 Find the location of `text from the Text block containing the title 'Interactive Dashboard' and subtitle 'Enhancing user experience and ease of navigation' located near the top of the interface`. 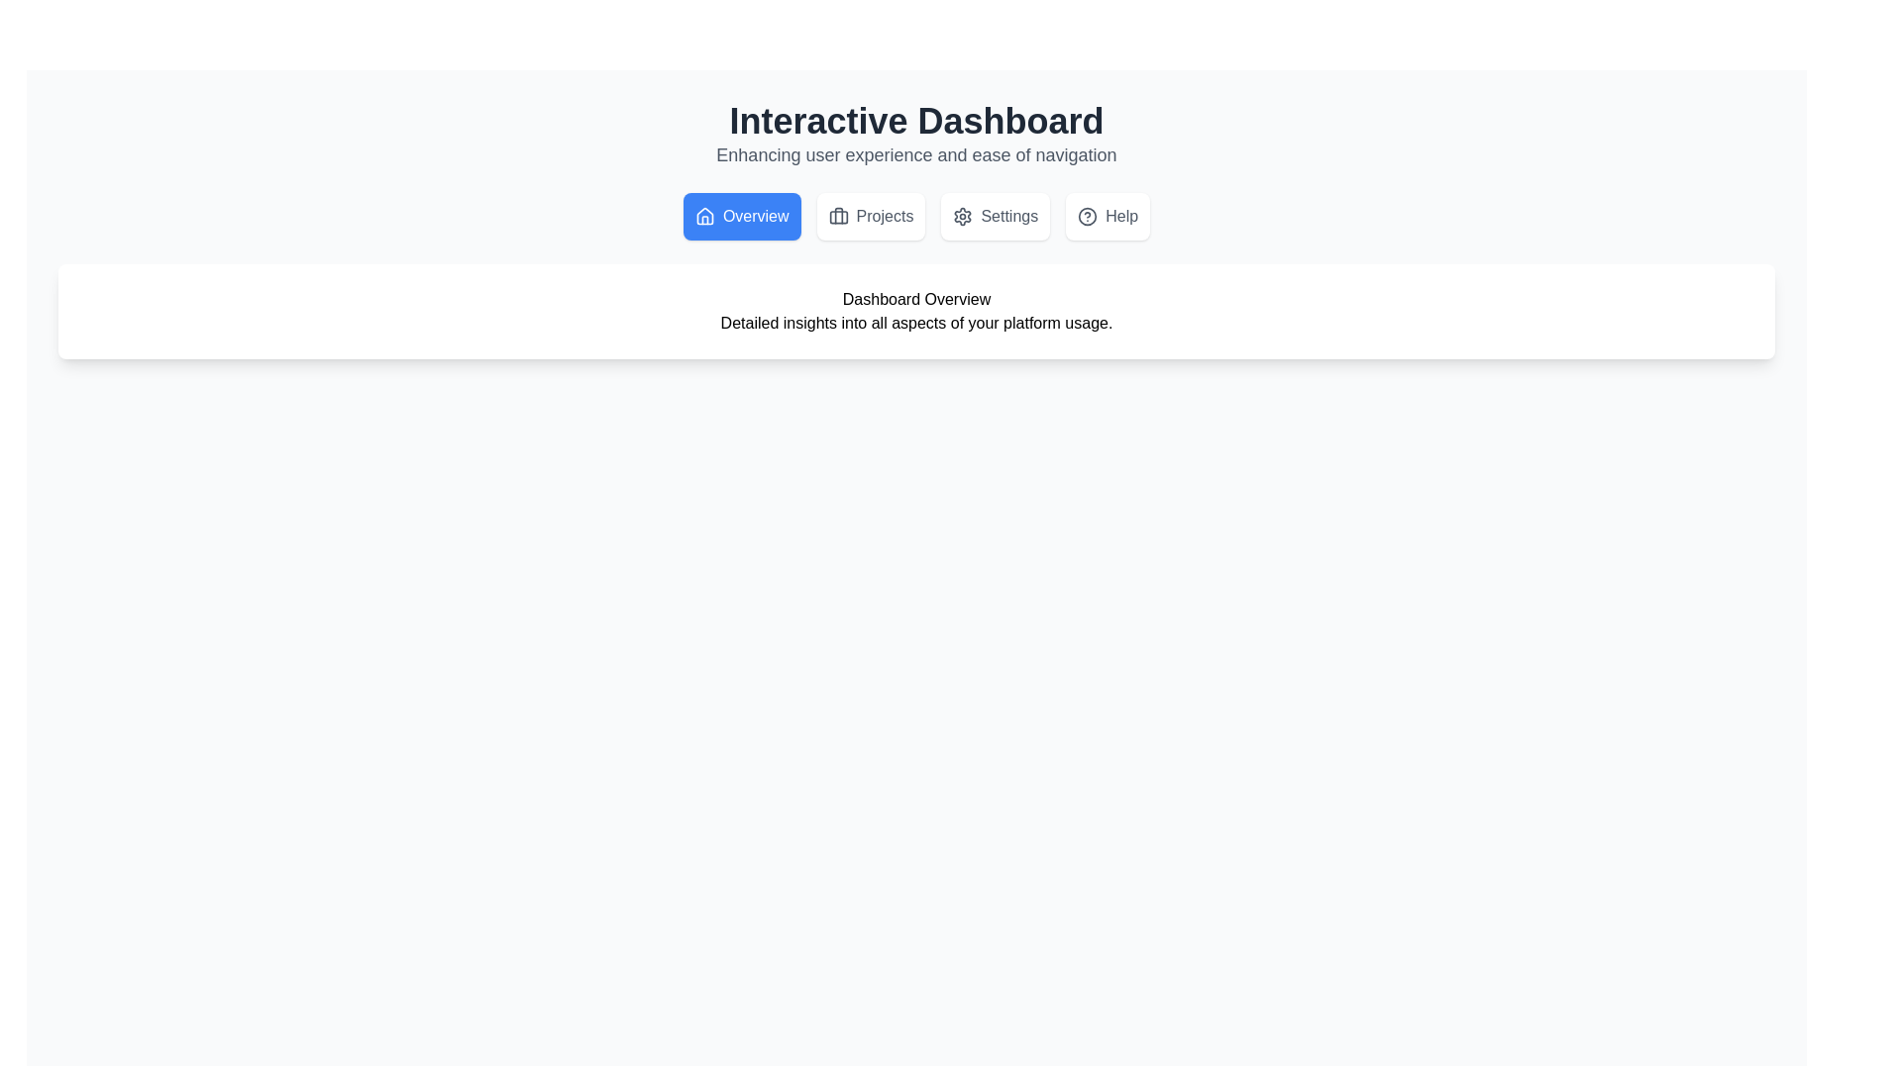

text from the Text block containing the title 'Interactive Dashboard' and subtitle 'Enhancing user experience and ease of navigation' located near the top of the interface is located at coordinates (915, 135).